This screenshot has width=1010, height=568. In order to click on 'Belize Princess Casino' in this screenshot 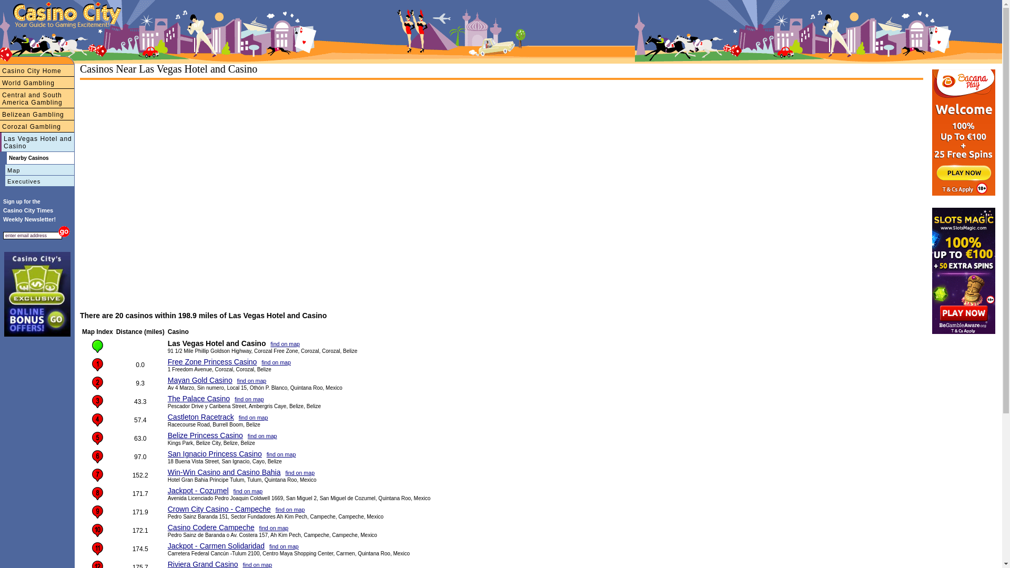, I will do `click(205, 435)`.